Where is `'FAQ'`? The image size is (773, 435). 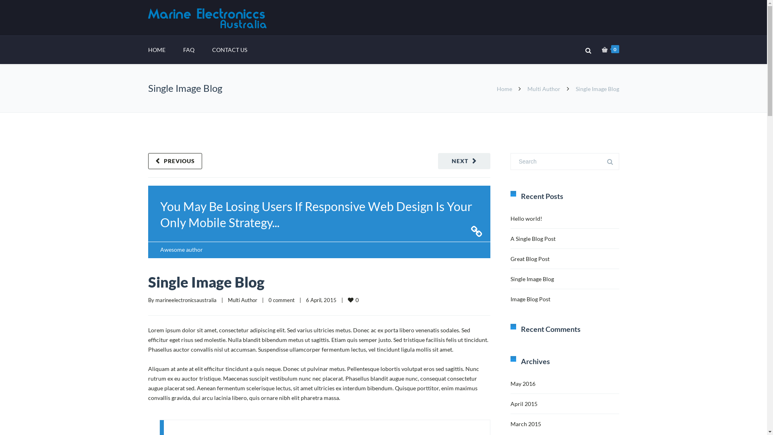
'FAQ' is located at coordinates (188, 50).